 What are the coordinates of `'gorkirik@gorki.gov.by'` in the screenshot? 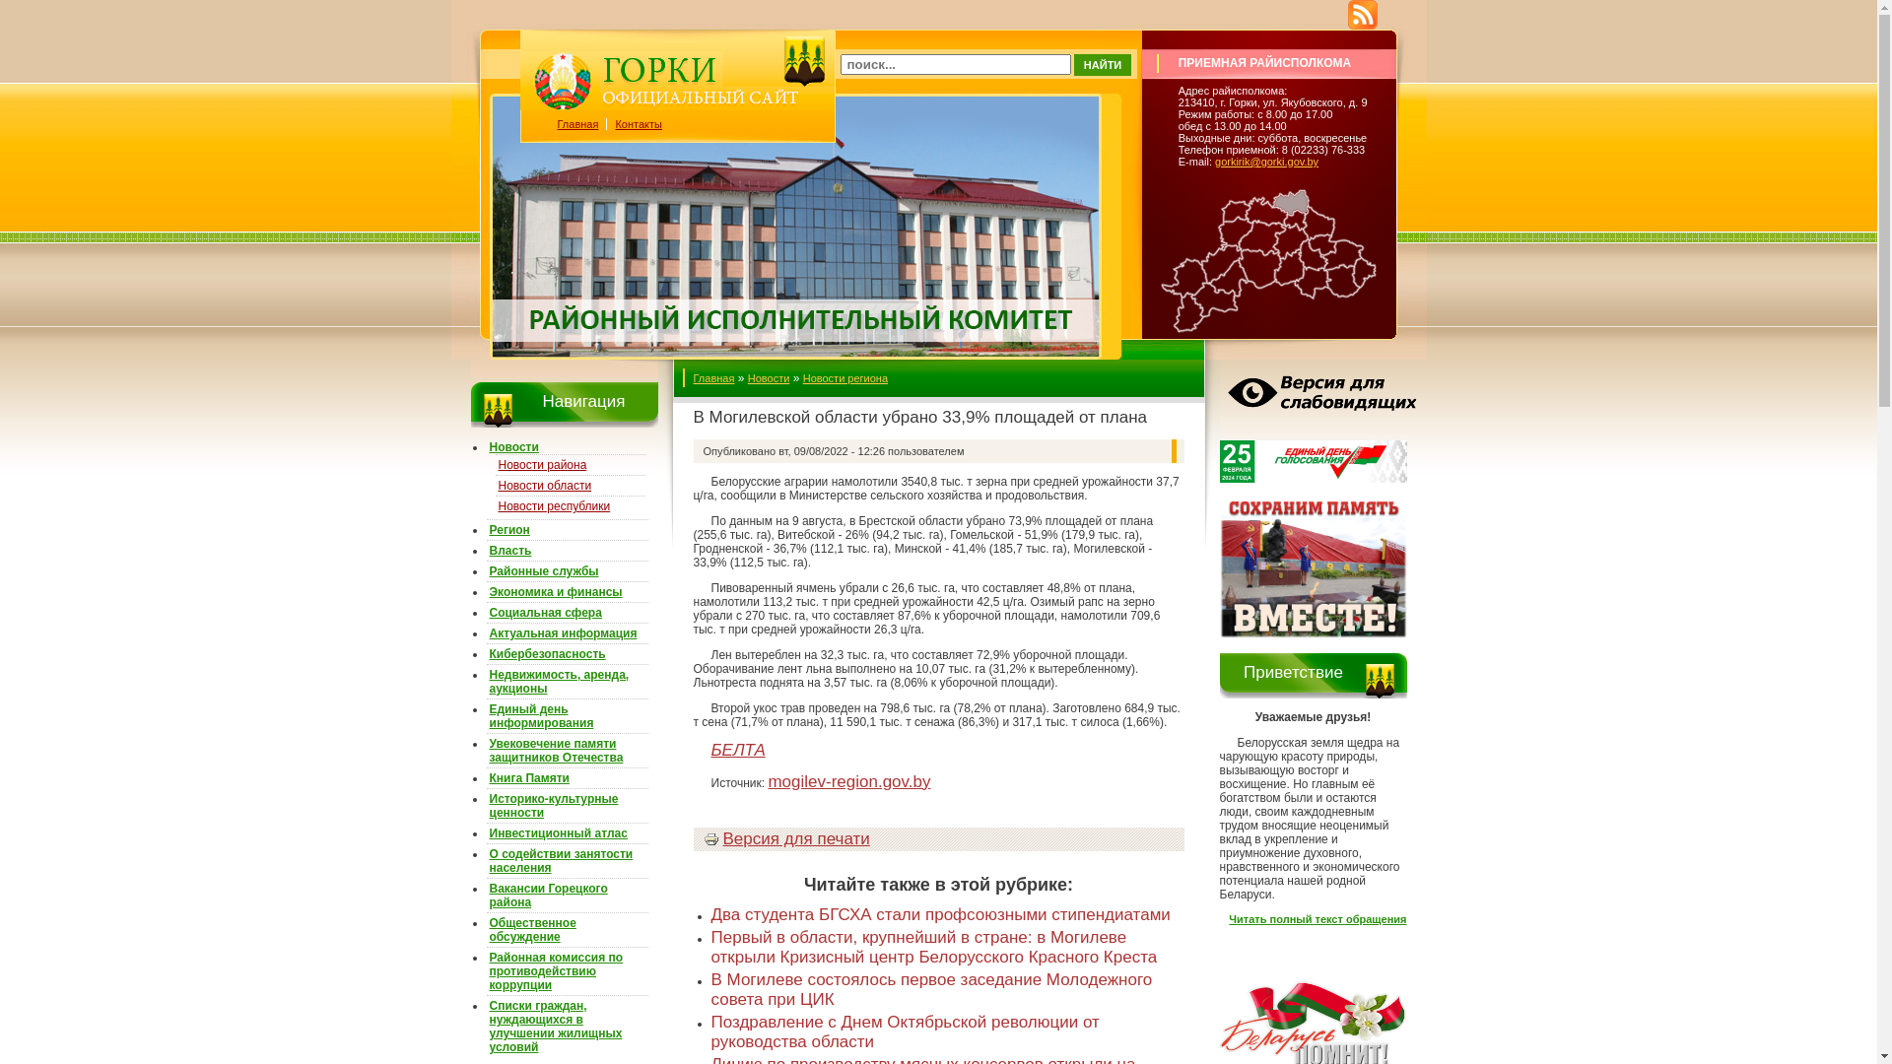 It's located at (1266, 161).